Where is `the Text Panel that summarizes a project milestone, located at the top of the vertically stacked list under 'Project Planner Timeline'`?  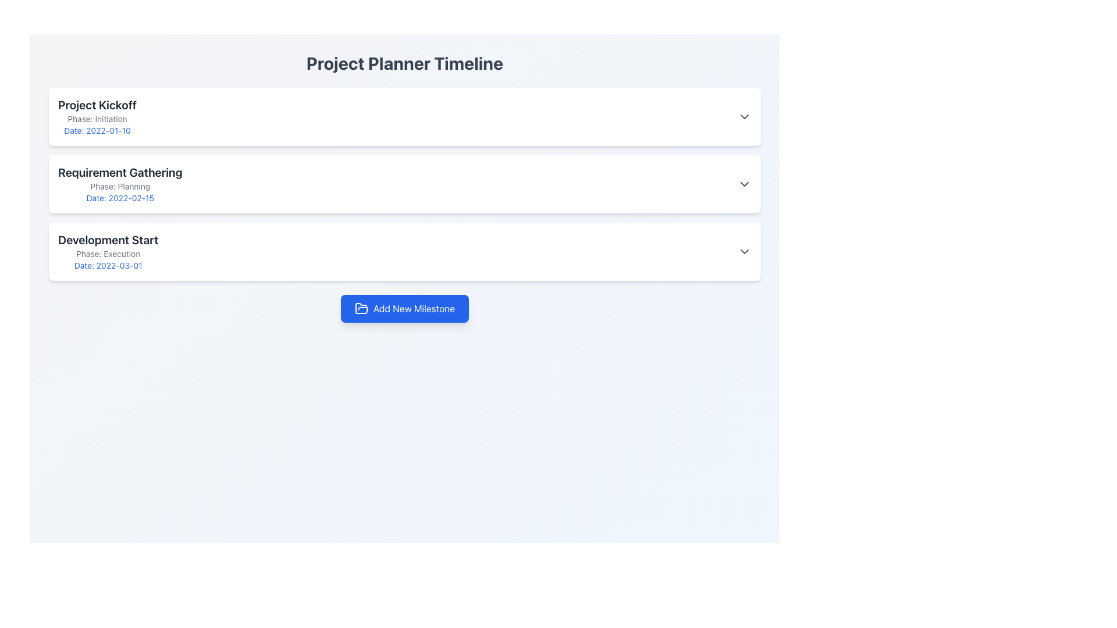 the Text Panel that summarizes a project milestone, located at the top of the vertically stacked list under 'Project Planner Timeline' is located at coordinates (97, 116).